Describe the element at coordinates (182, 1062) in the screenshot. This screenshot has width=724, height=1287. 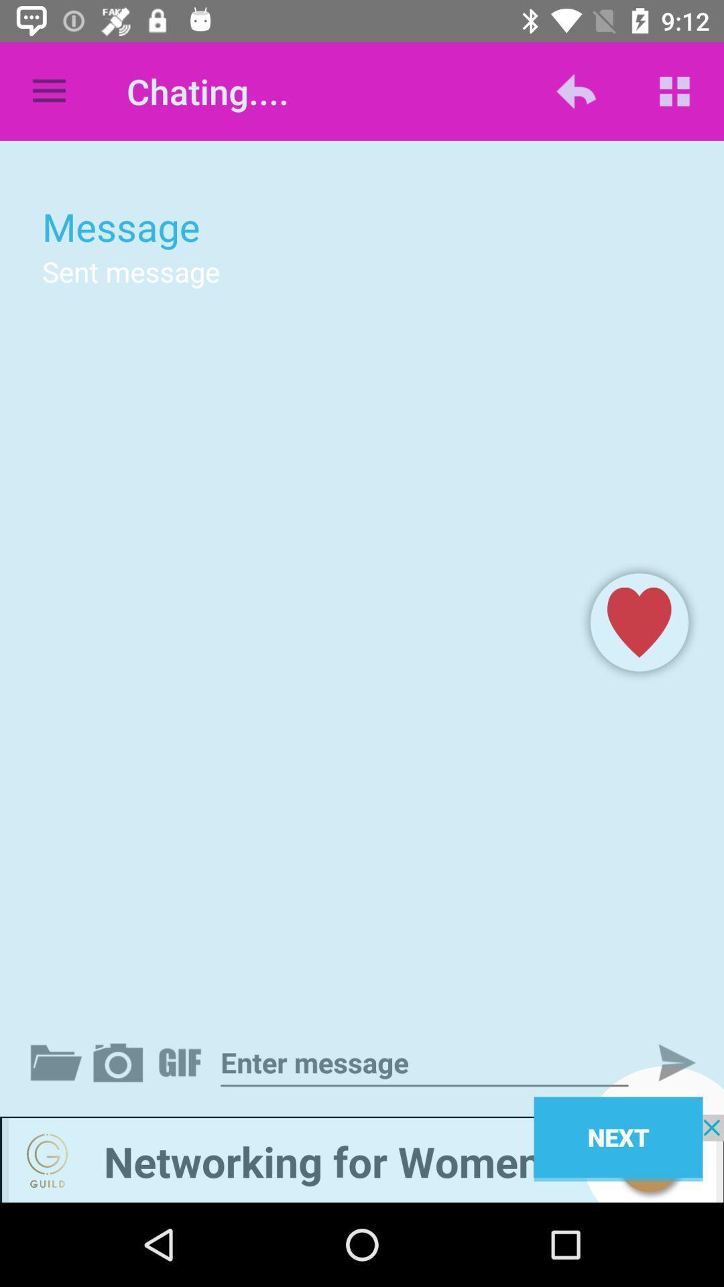
I see `gif button` at that location.